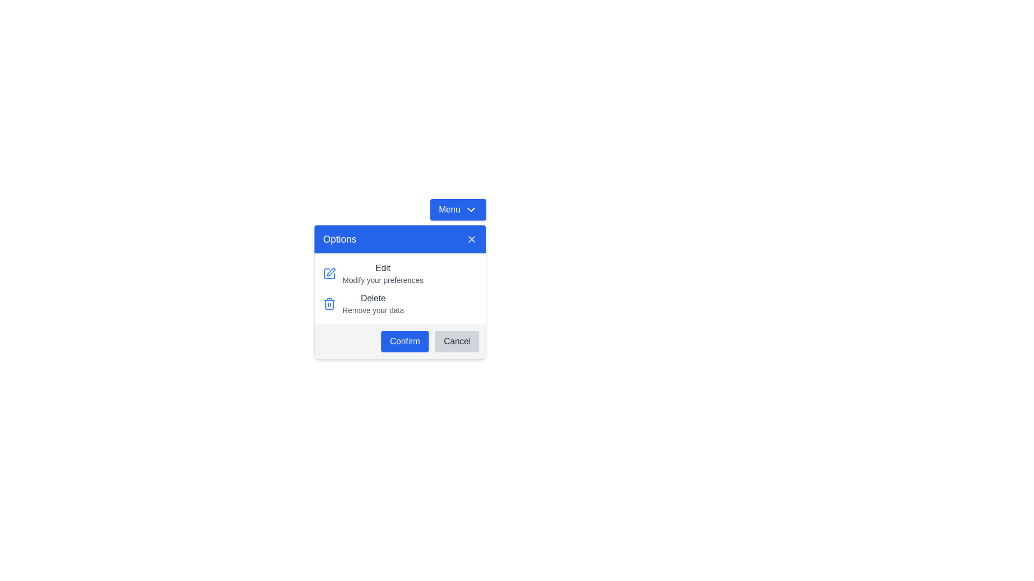 This screenshot has height=581, width=1034. Describe the element at coordinates (400, 292) in the screenshot. I see `the 'Delete' button with a trash bin icon and subtext 'Remove your data.'` at that location.